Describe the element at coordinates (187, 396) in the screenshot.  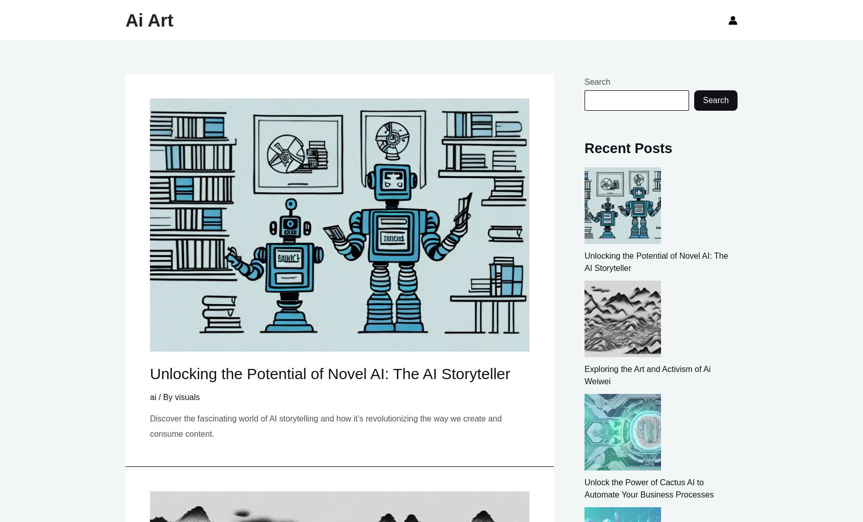
I see `'visuals'` at that location.